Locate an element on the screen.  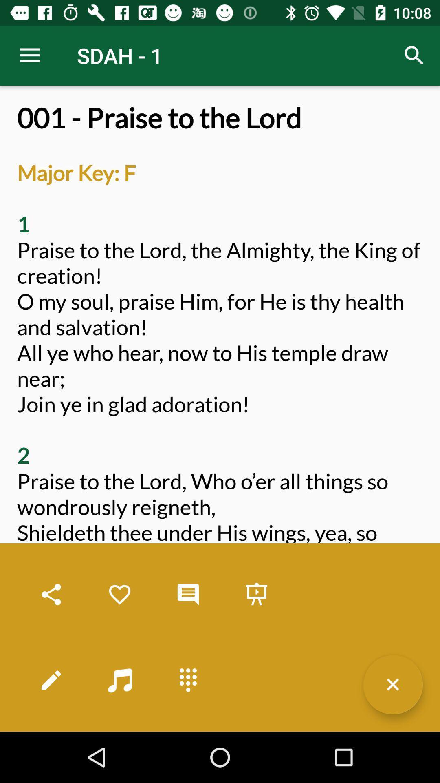
main menu is located at coordinates (188, 680).